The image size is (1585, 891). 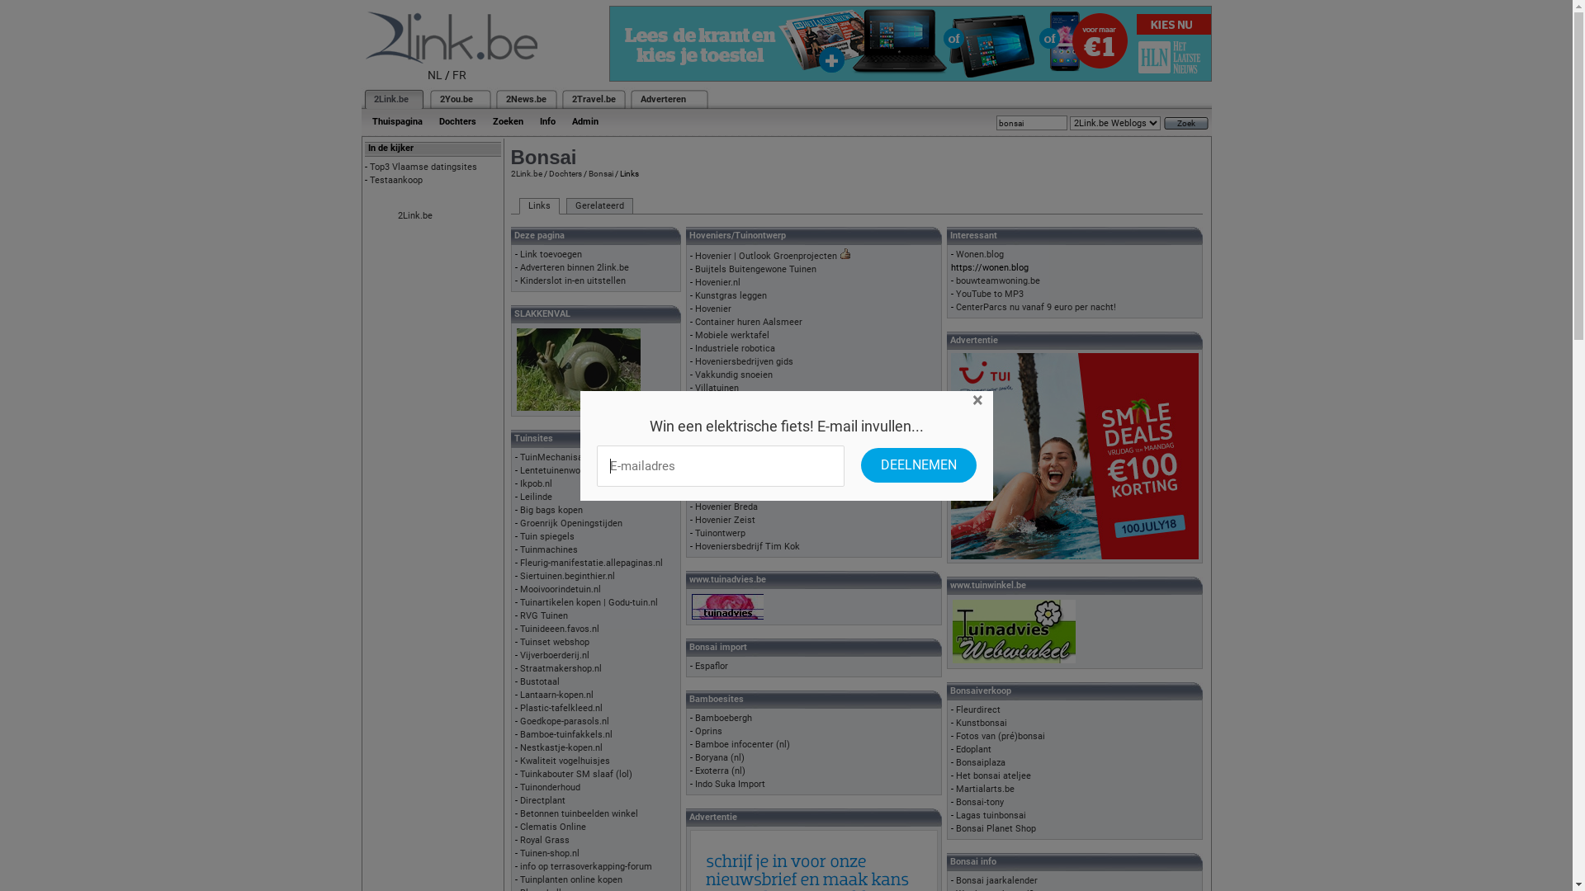 What do you see at coordinates (731, 334) in the screenshot?
I see `'Mobiele werktafel'` at bounding box center [731, 334].